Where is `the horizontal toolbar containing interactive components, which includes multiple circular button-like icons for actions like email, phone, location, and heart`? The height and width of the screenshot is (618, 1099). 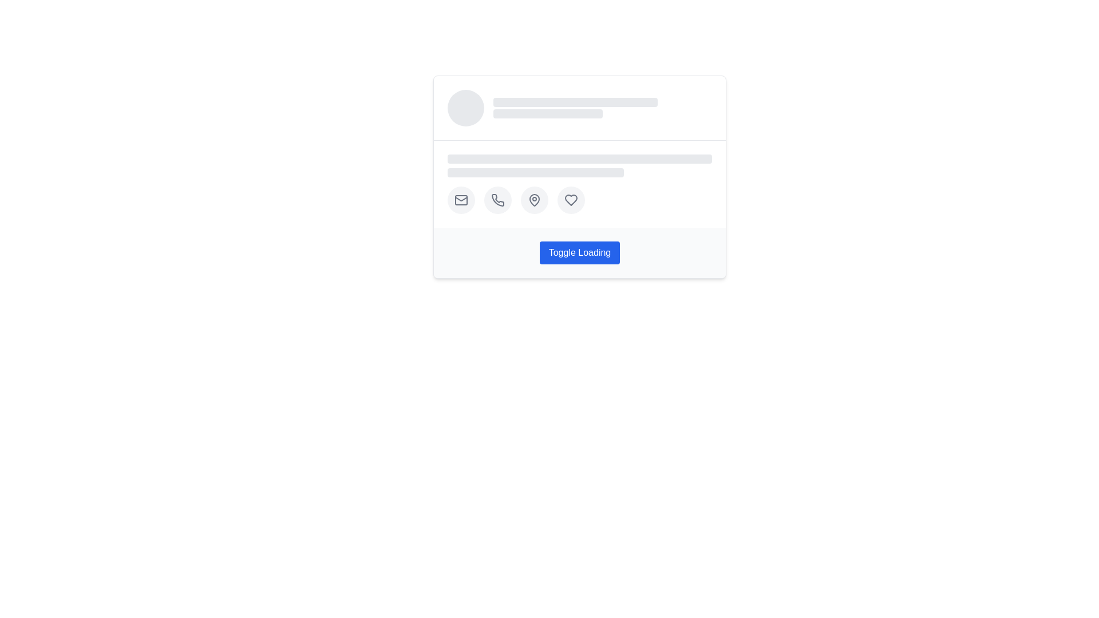
the horizontal toolbar containing interactive components, which includes multiple circular button-like icons for actions like email, phone, location, and heart is located at coordinates (579, 200).